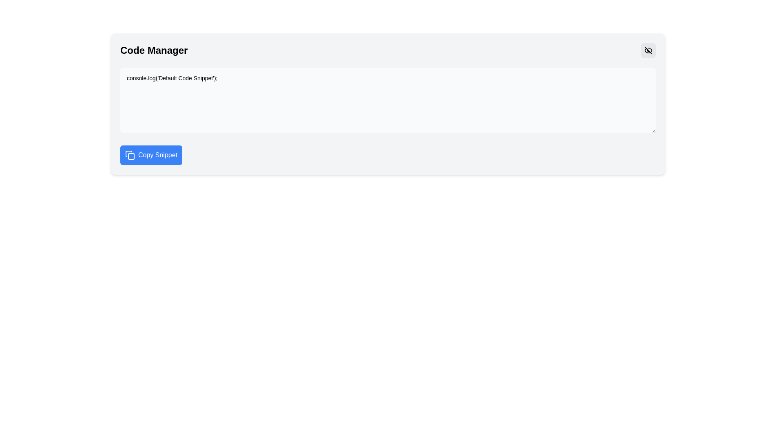 This screenshot has height=440, width=783. I want to click on the copy button located at the bottom-left corner of the code snippet card to change its color, so click(151, 155).